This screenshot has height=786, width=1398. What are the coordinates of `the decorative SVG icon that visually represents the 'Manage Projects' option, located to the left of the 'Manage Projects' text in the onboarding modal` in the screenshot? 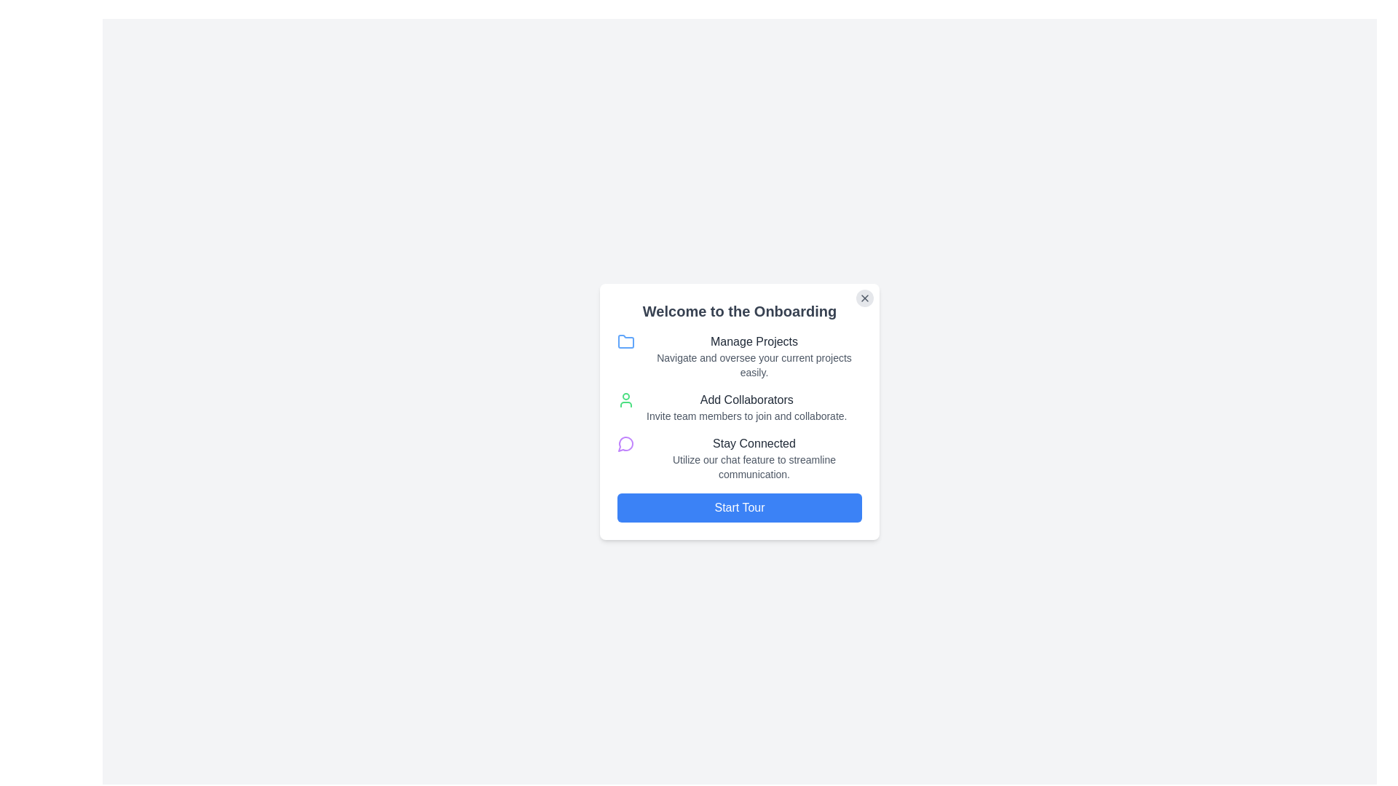 It's located at (625, 342).